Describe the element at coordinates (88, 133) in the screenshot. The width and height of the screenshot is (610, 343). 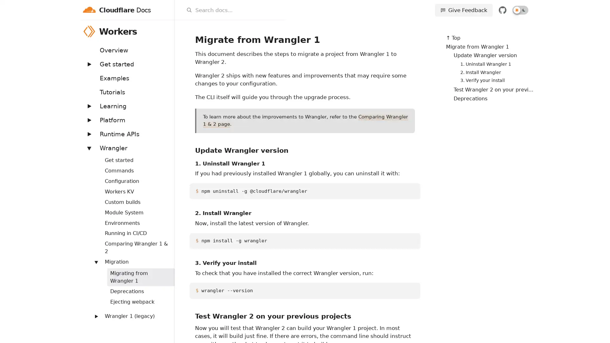
I see `Expand: Runtime APIs` at that location.